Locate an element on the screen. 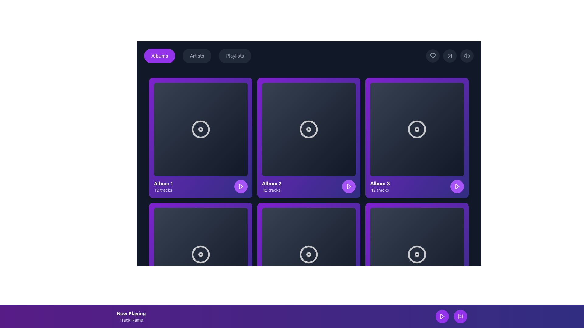 The width and height of the screenshot is (584, 328). the circular icon with a minimalist design located in the second tile of the first row, which is part of the 'Album 2' grid layout is located at coordinates (309, 129).